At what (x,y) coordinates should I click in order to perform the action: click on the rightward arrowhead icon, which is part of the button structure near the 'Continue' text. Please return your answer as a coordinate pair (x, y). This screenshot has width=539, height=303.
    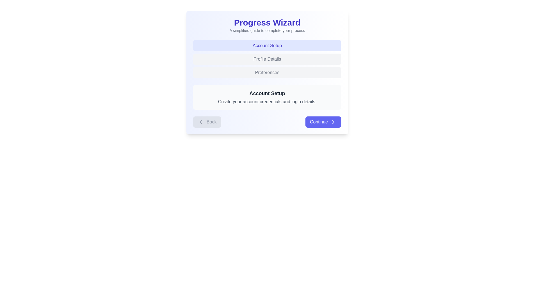
    Looking at the image, I should click on (334, 122).